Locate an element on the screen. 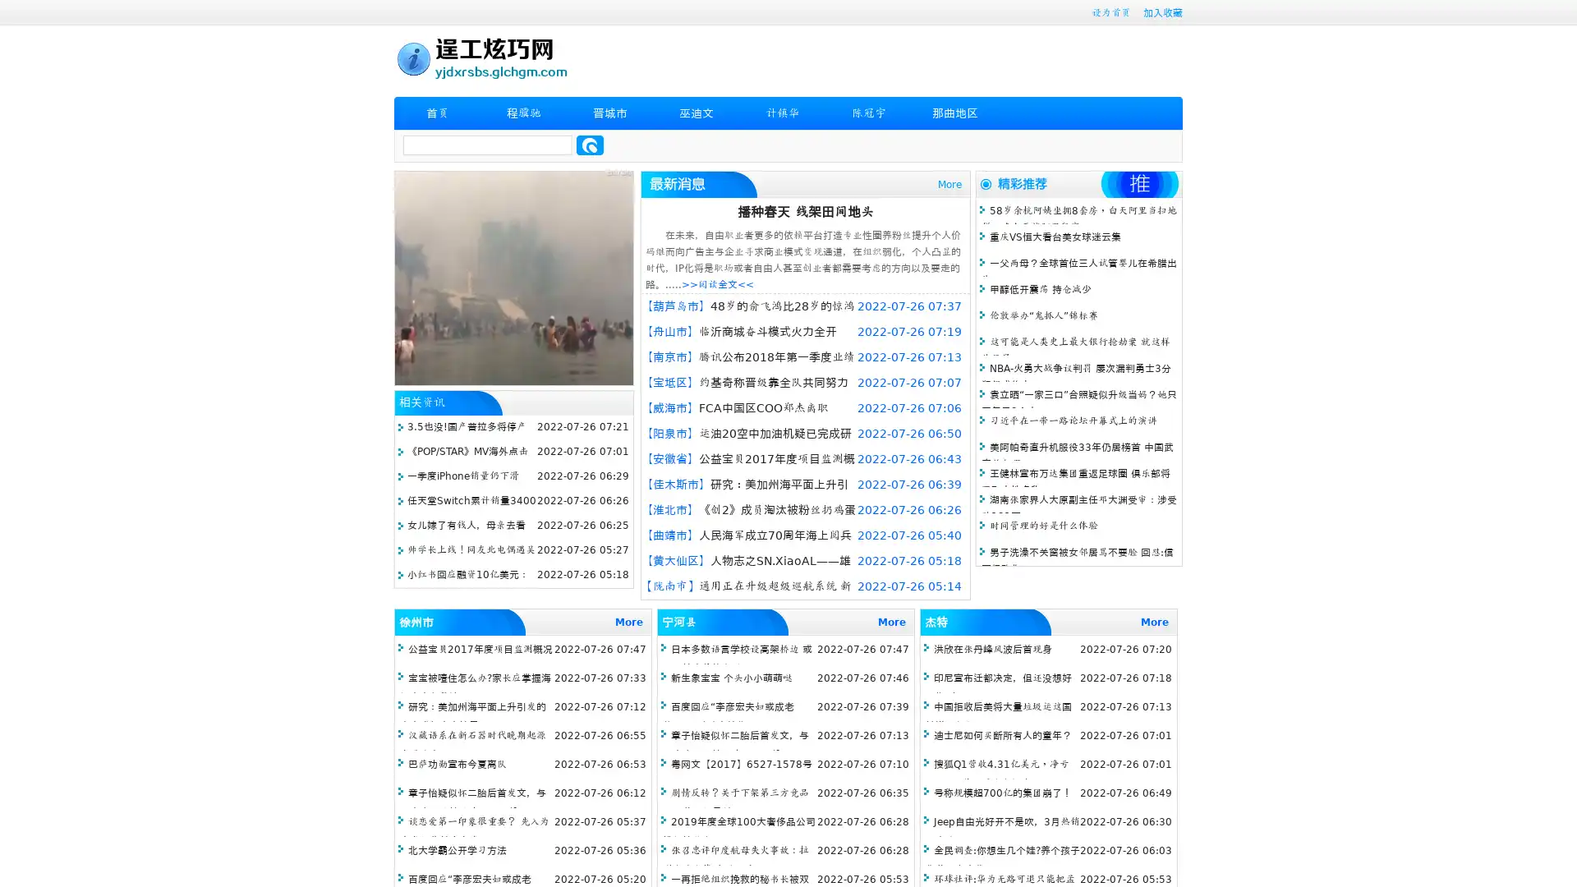 This screenshot has height=887, width=1577. Search is located at coordinates (590, 145).